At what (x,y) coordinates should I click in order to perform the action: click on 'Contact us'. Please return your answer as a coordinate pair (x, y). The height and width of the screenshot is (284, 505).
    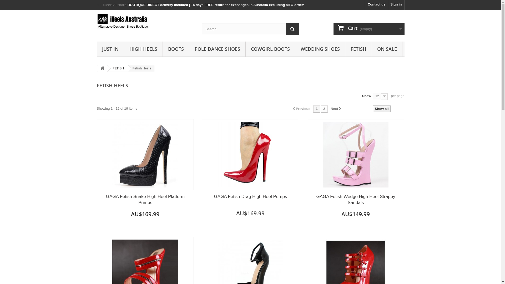
    Looking at the image, I should click on (365, 5).